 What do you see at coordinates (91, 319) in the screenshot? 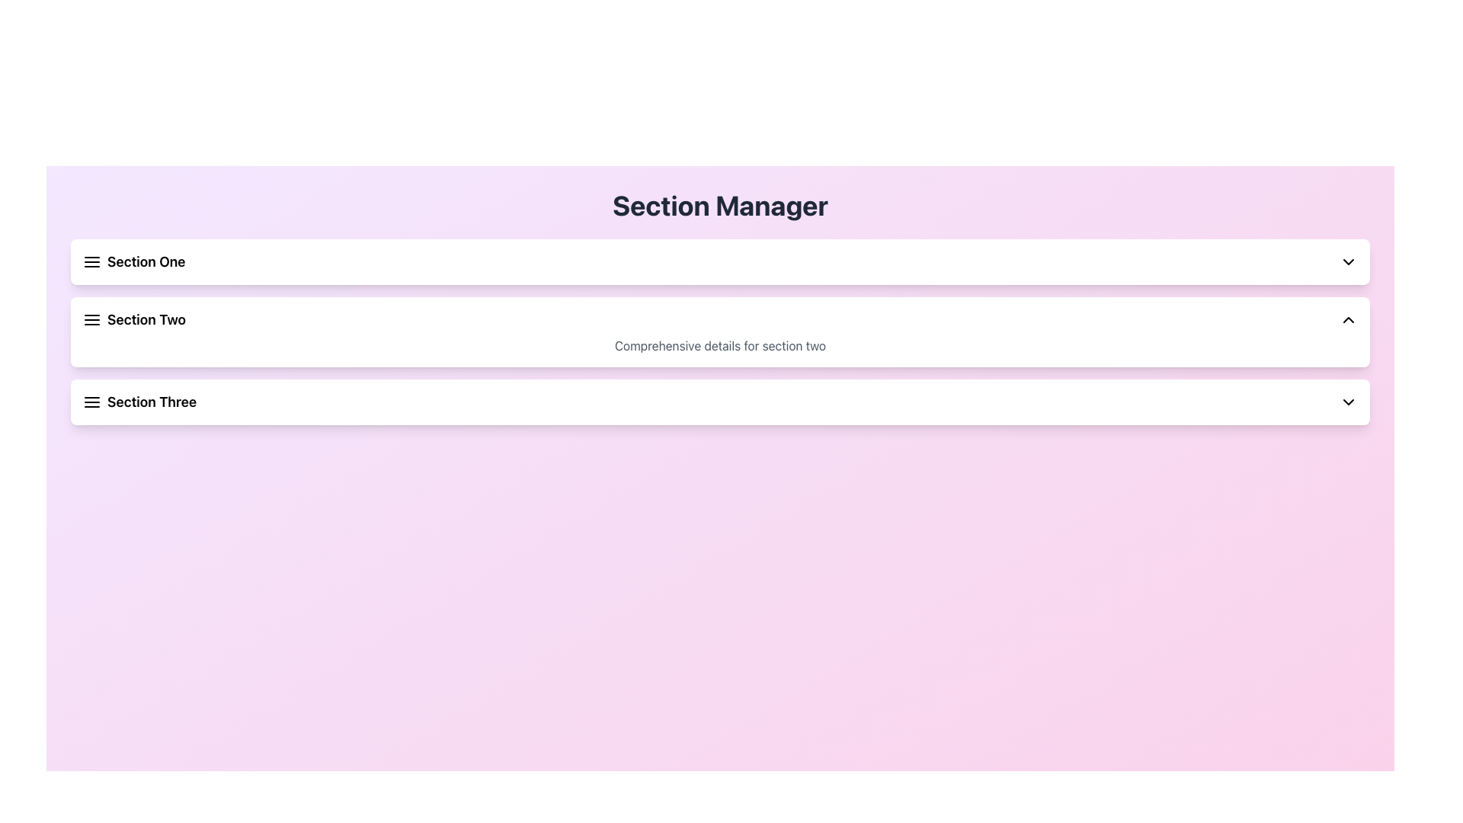
I see `the icon that serves as a visual indicator for the 'Section Two' section, located to the left of its title` at bounding box center [91, 319].